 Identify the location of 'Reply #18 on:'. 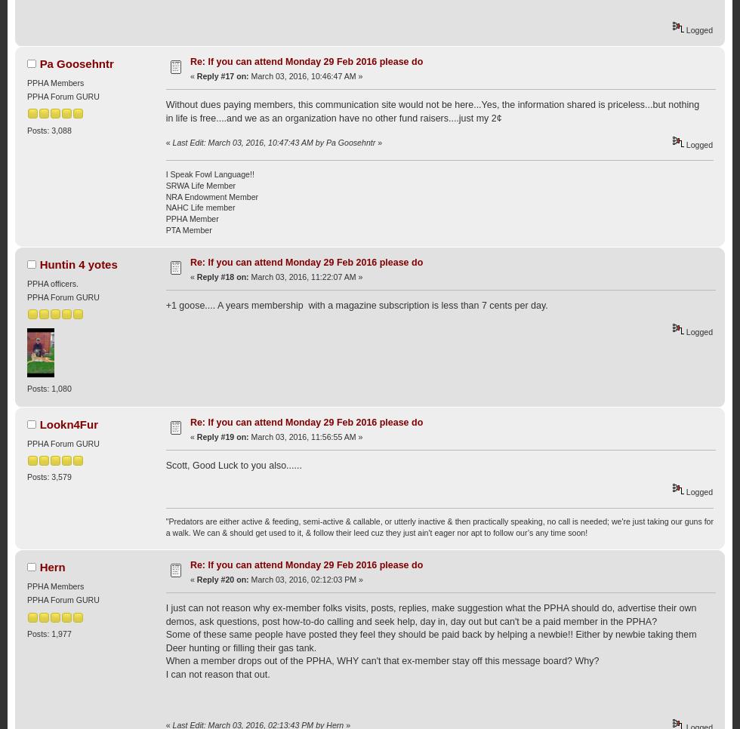
(196, 275).